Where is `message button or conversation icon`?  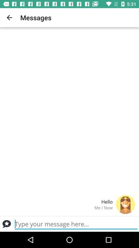
message button or conversation icon is located at coordinates (6, 224).